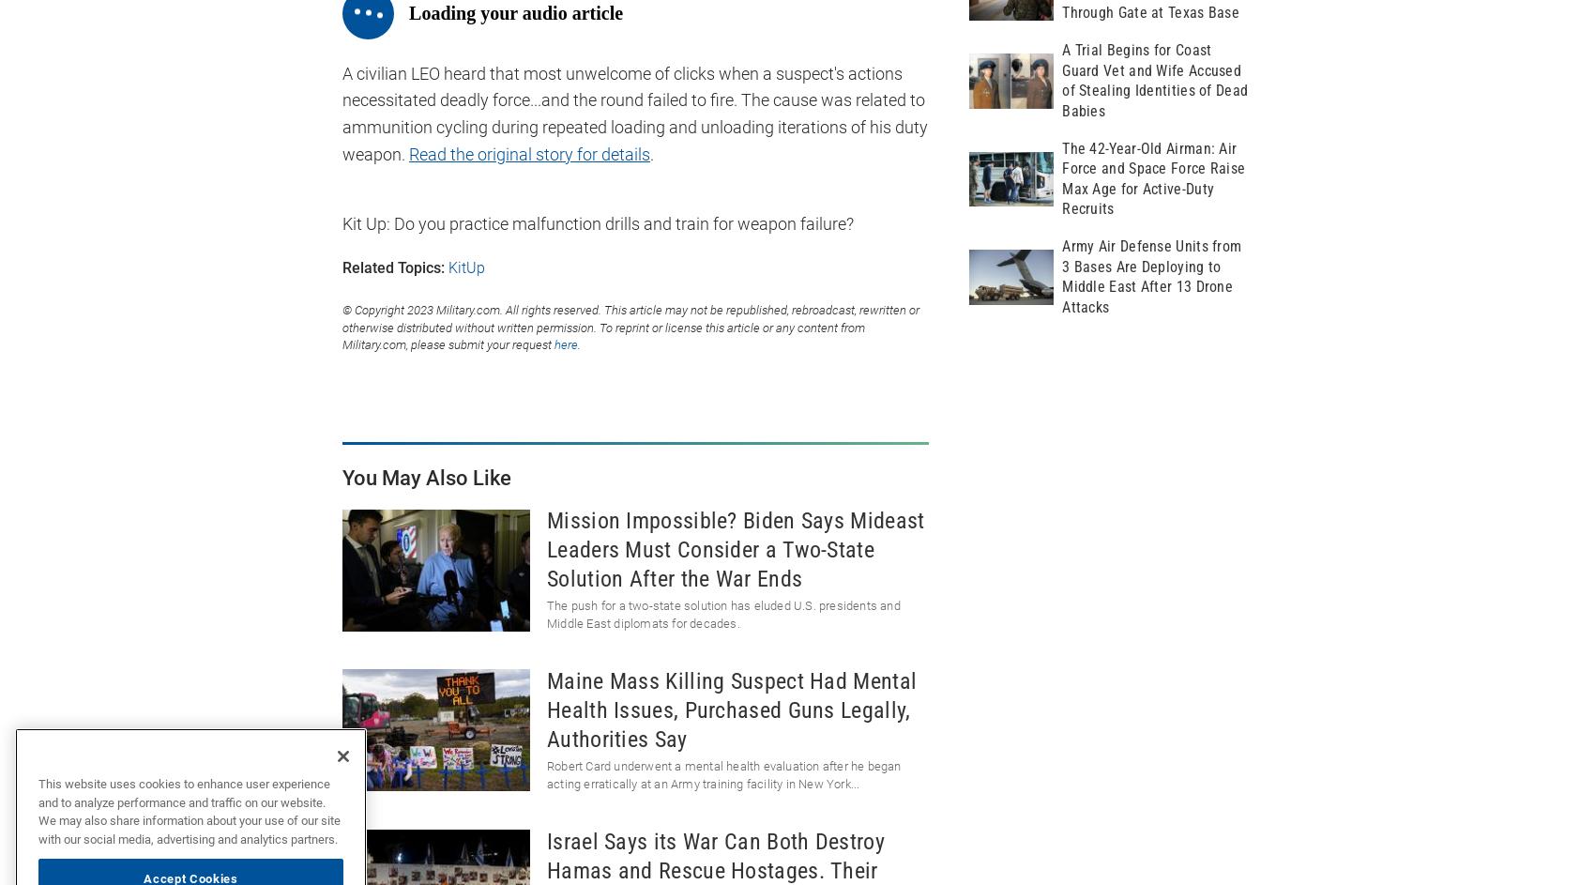 Image resolution: width=1595 pixels, height=885 pixels. I want to click on '© Copyright 2023 Military.com. All rights reserved. This article may not be republished, rebroadcast, rewritten or otherwise distributed without written permission. To reprint or license this article or any content from Military.com, please submit your request', so click(630, 328).